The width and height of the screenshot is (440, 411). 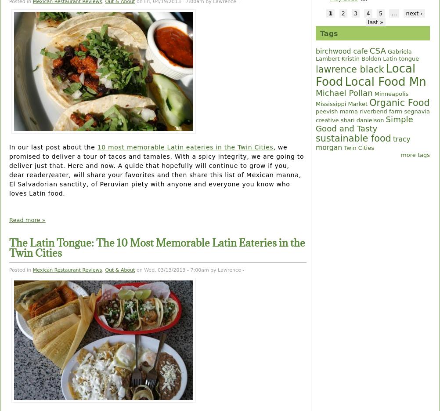 What do you see at coordinates (353, 138) in the screenshot?
I see `'sustainable food'` at bounding box center [353, 138].